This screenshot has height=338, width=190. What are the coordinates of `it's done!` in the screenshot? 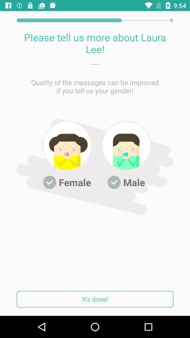 It's located at (95, 299).